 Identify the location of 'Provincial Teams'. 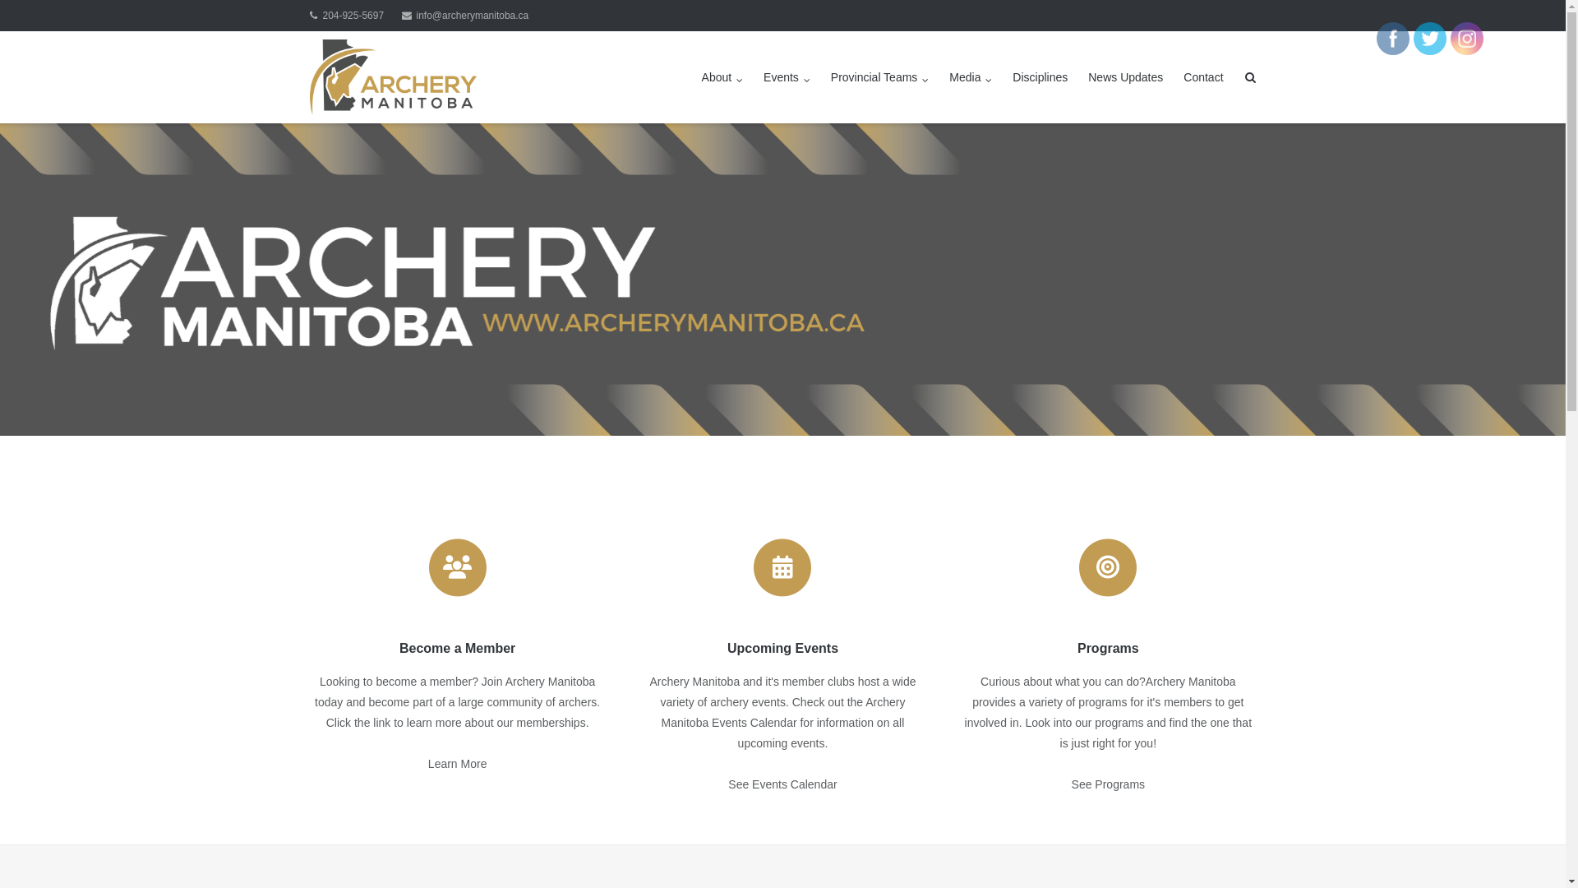
(879, 76).